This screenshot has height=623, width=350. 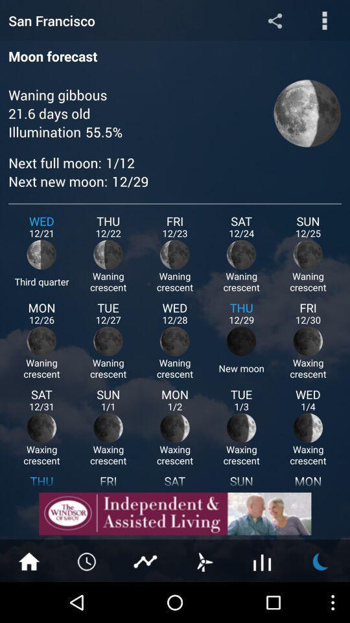 What do you see at coordinates (175, 513) in the screenshot?
I see `advertisement area` at bounding box center [175, 513].